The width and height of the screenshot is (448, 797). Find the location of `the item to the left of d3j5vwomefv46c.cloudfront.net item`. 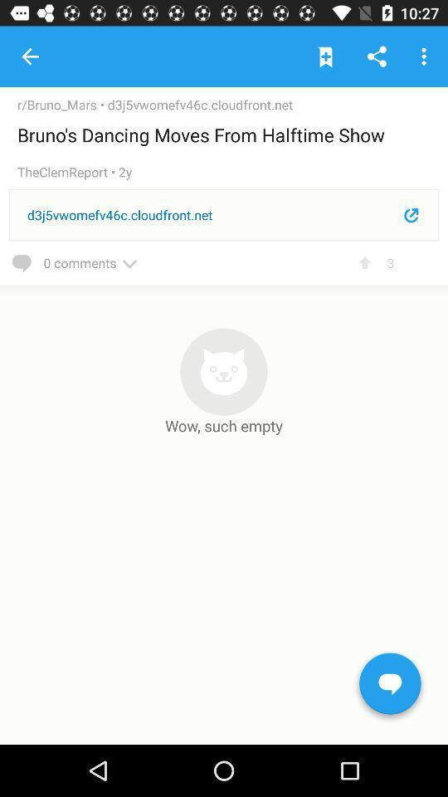

the item to the left of d3j5vwomefv46c.cloudfront.net item is located at coordinates (61, 104).